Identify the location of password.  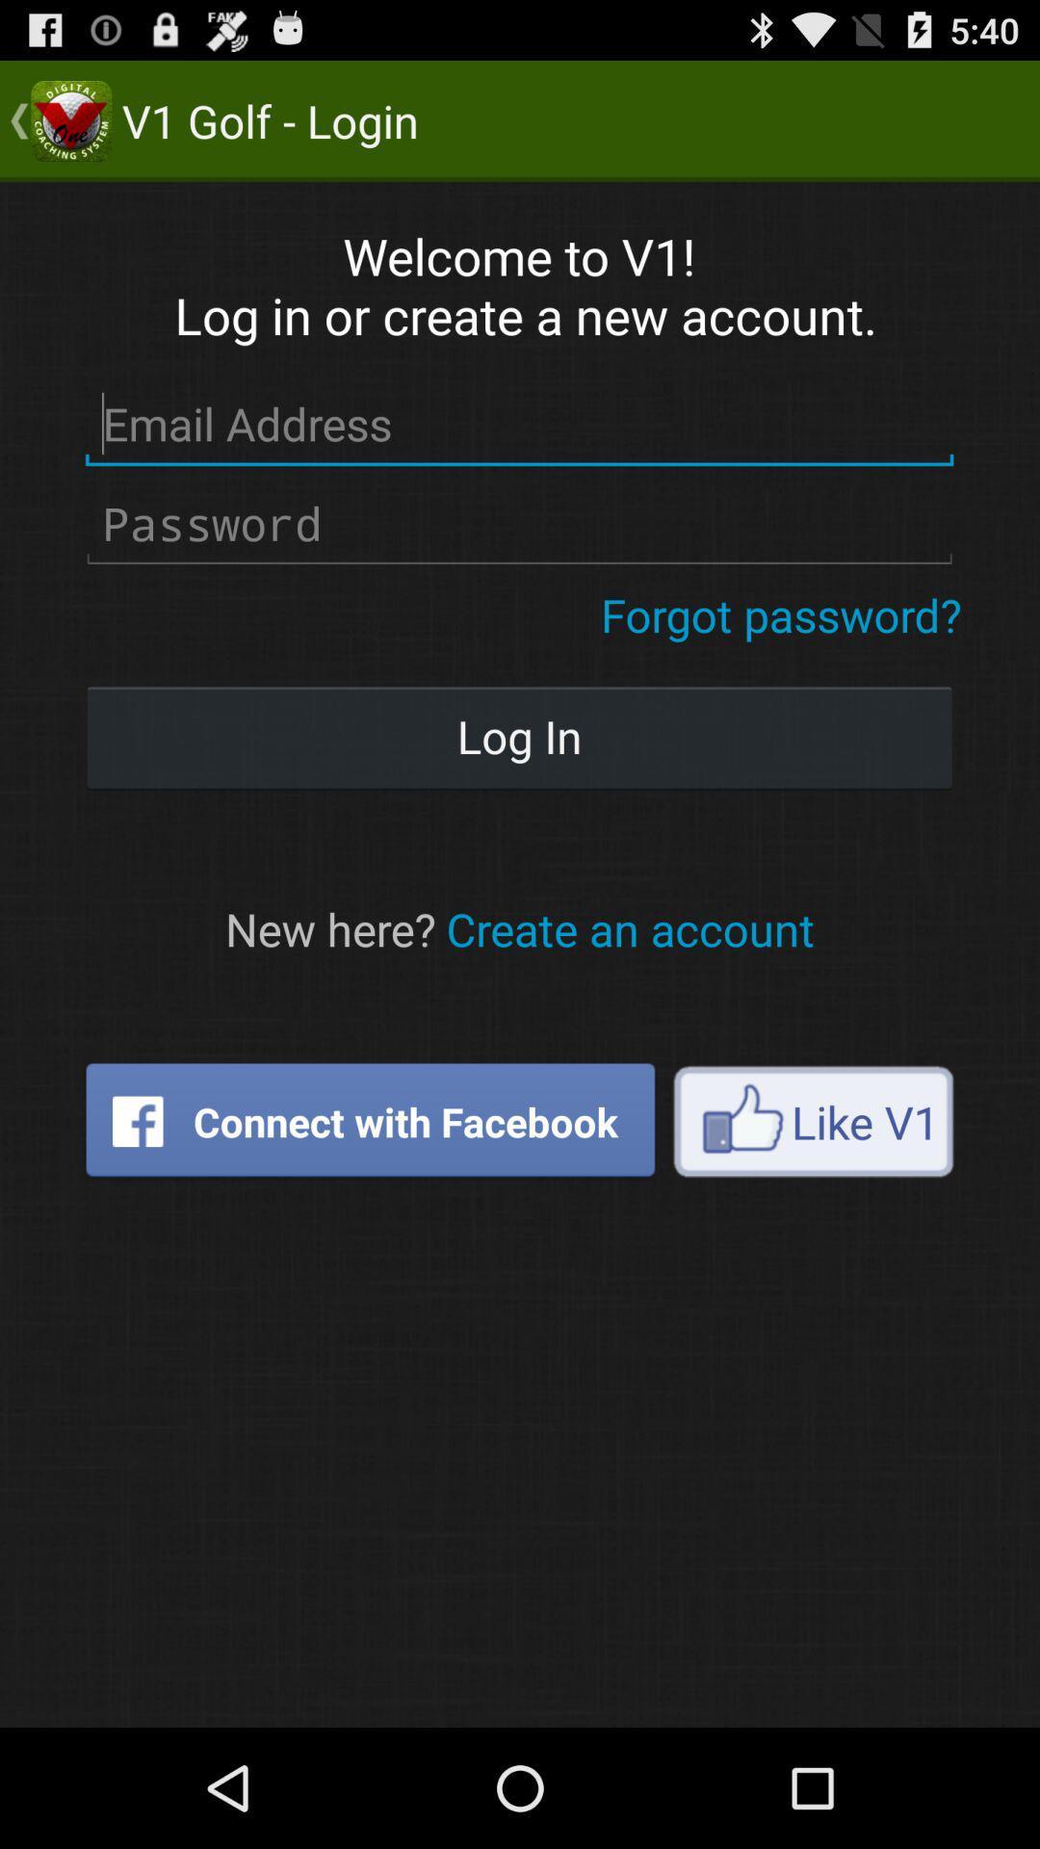
(518, 524).